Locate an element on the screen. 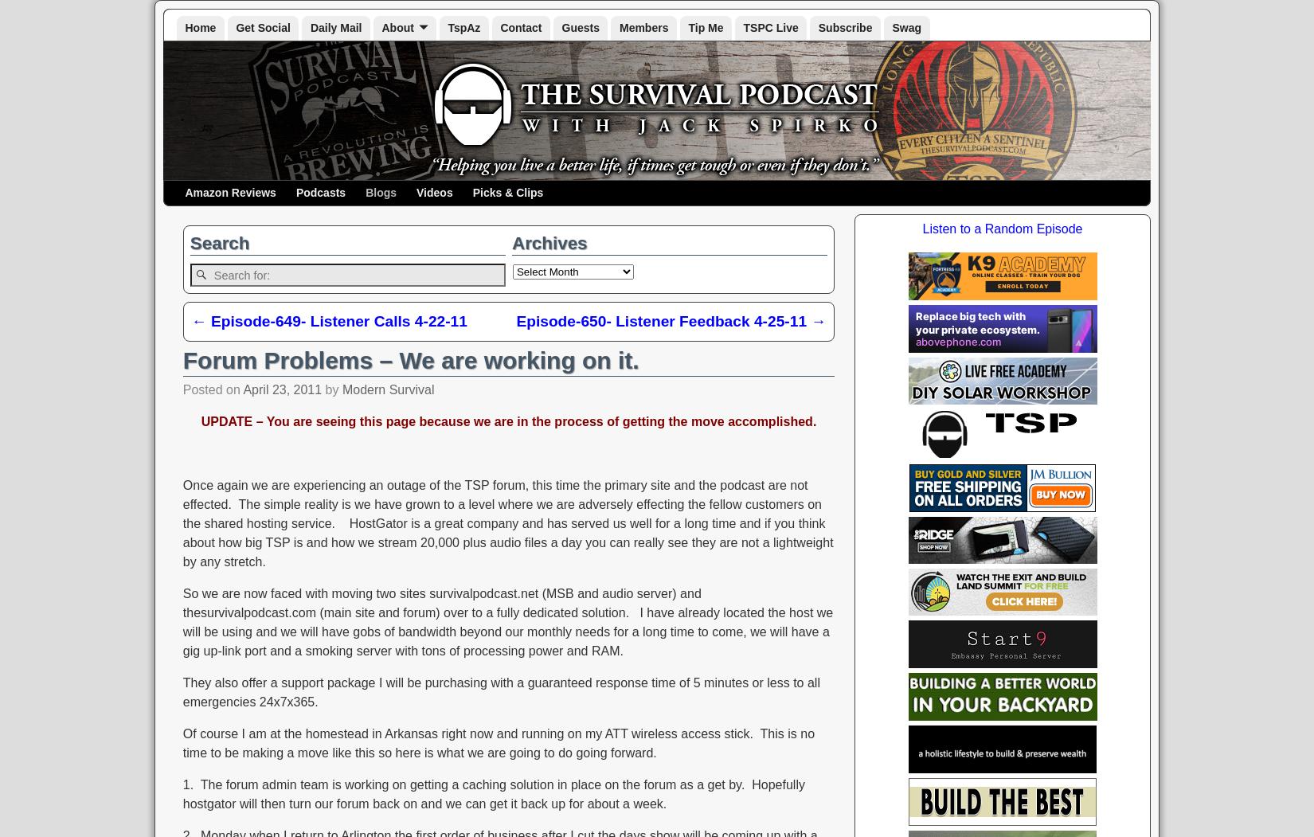  'Modern Survival' is located at coordinates (387, 389).